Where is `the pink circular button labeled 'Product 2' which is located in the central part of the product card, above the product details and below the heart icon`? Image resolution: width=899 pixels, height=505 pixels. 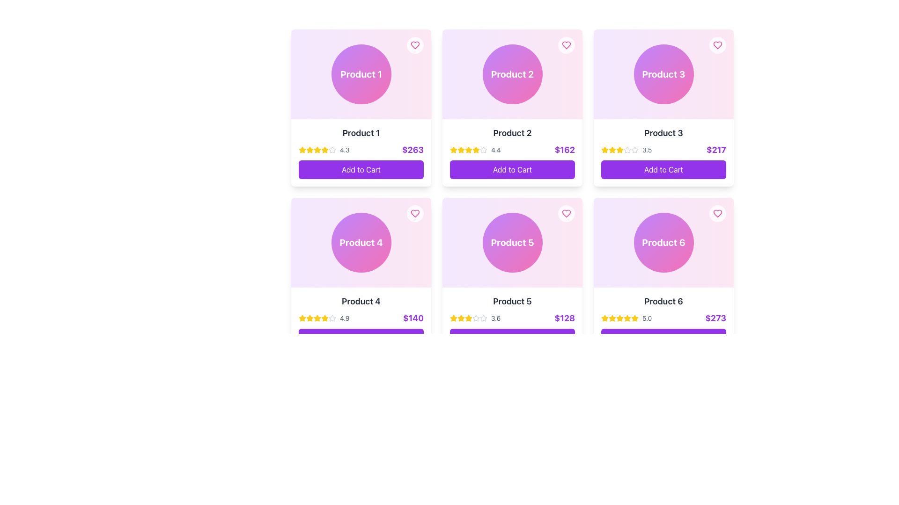
the pink circular button labeled 'Product 2' which is located in the central part of the product card, above the product details and below the heart icon is located at coordinates (512, 73).